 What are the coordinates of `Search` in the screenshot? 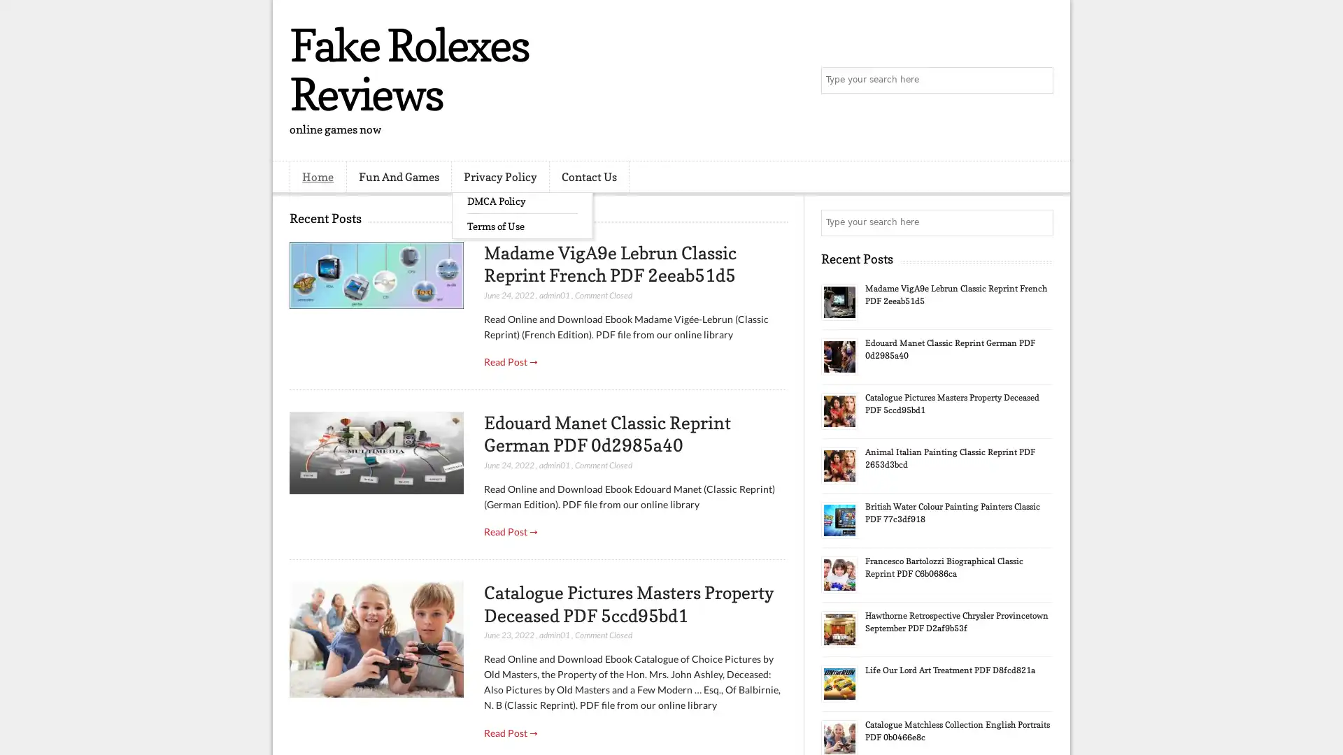 It's located at (1039, 222).